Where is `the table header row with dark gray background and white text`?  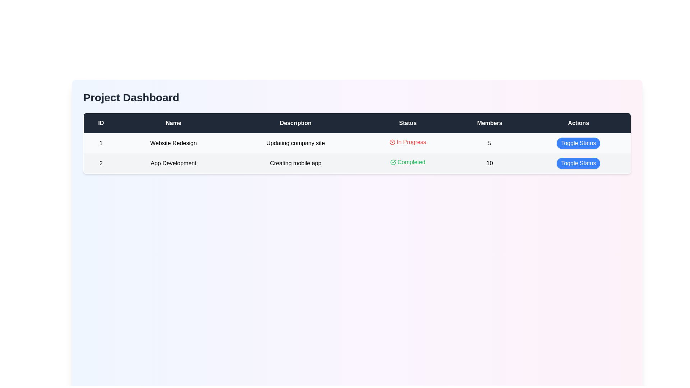 the table header row with dark gray background and white text is located at coordinates (357, 123).